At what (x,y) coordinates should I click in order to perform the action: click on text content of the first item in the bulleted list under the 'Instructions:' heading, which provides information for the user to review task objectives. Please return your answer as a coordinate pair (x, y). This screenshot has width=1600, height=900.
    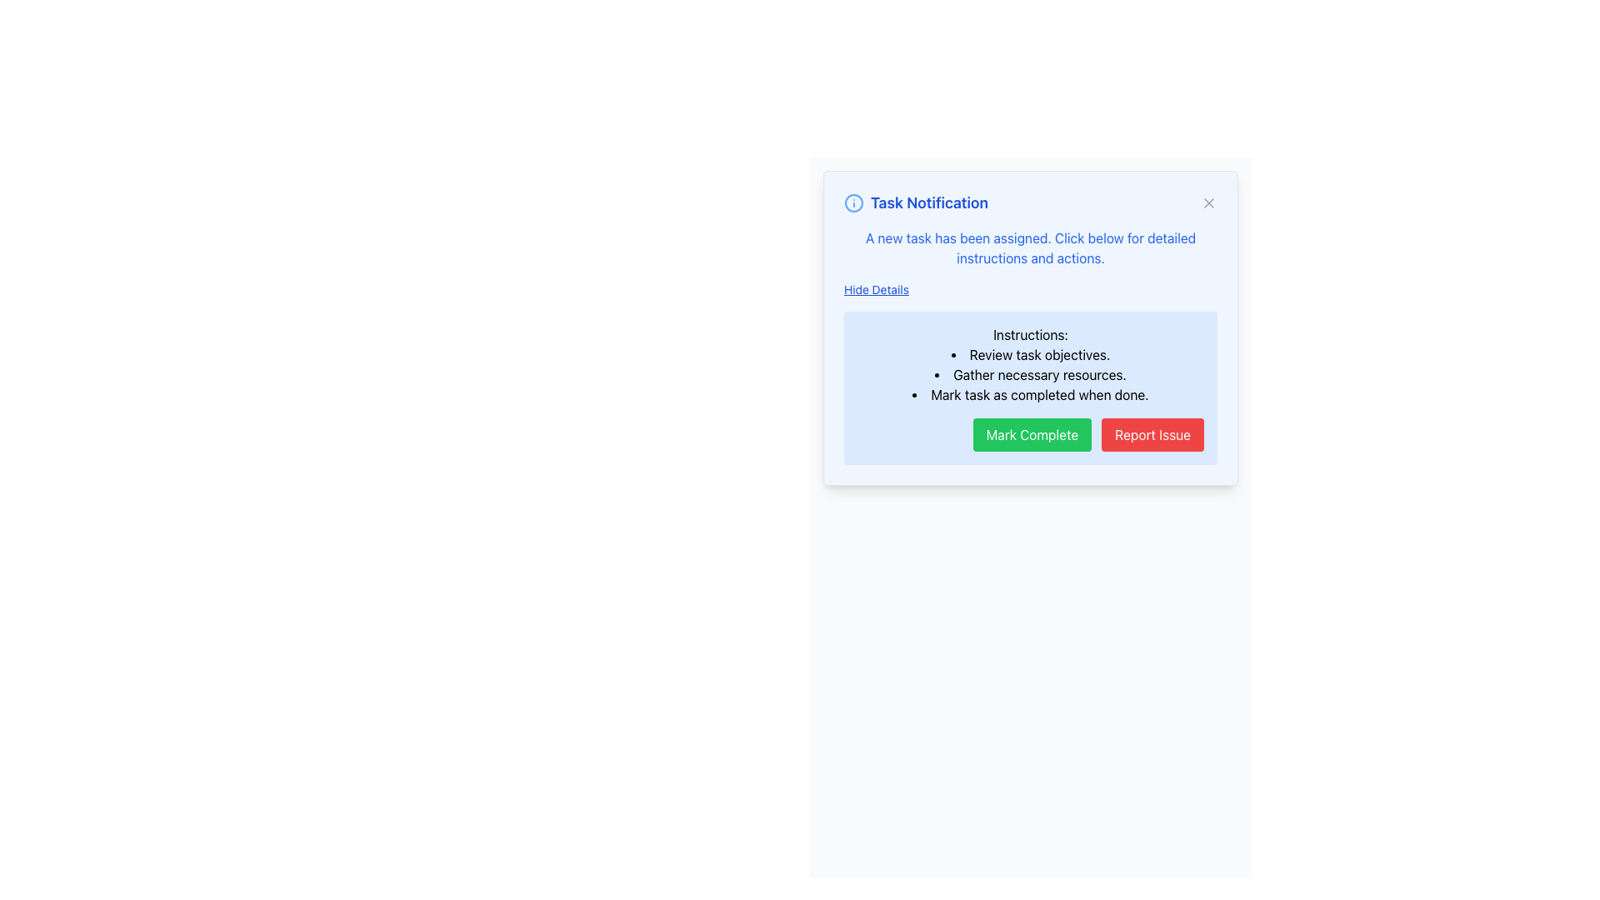
    Looking at the image, I should click on (1030, 353).